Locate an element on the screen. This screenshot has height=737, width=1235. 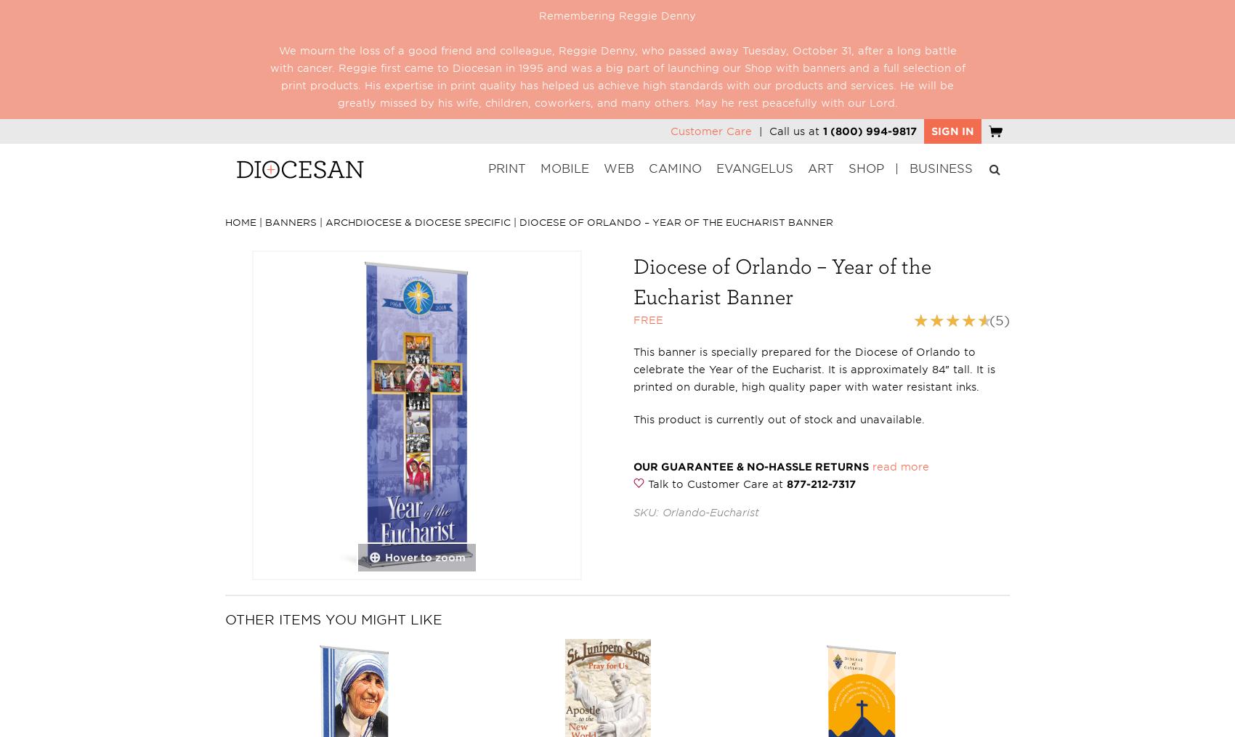
'Camino' is located at coordinates (675, 168).